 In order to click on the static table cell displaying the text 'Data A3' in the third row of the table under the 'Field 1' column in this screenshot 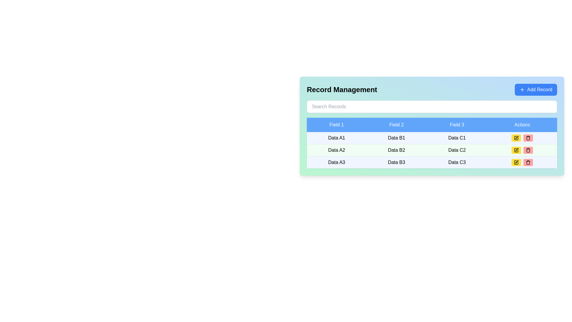, I will do `click(337, 162)`.